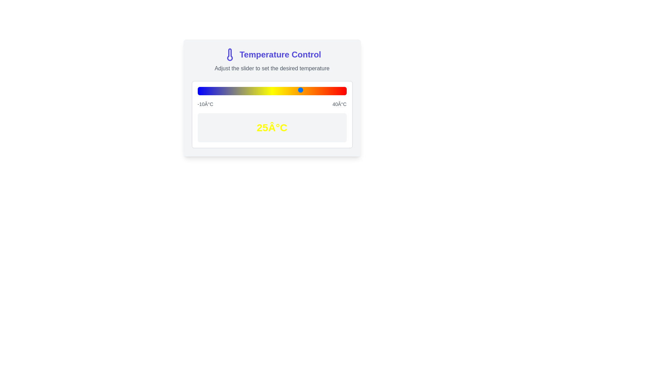  I want to click on the slider to set the temperature to 24°C, so click(299, 89).